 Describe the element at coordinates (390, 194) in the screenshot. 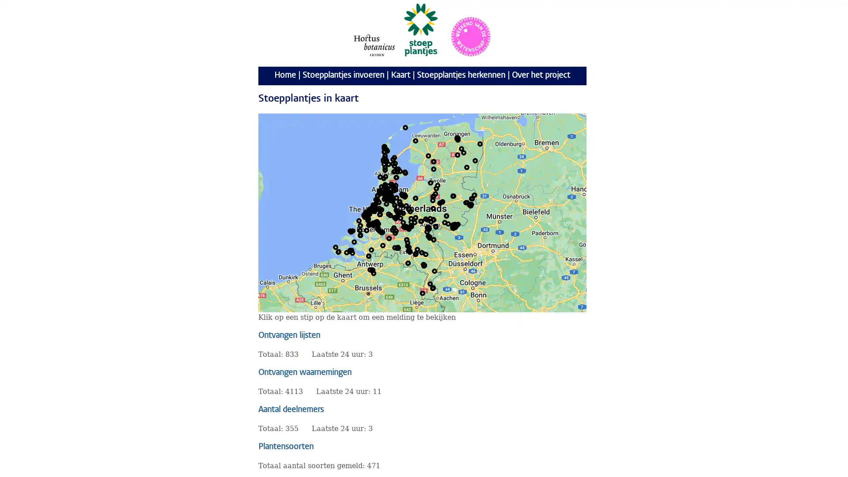

I see `Telling van Jessica Veld op 14 april 2022` at that location.